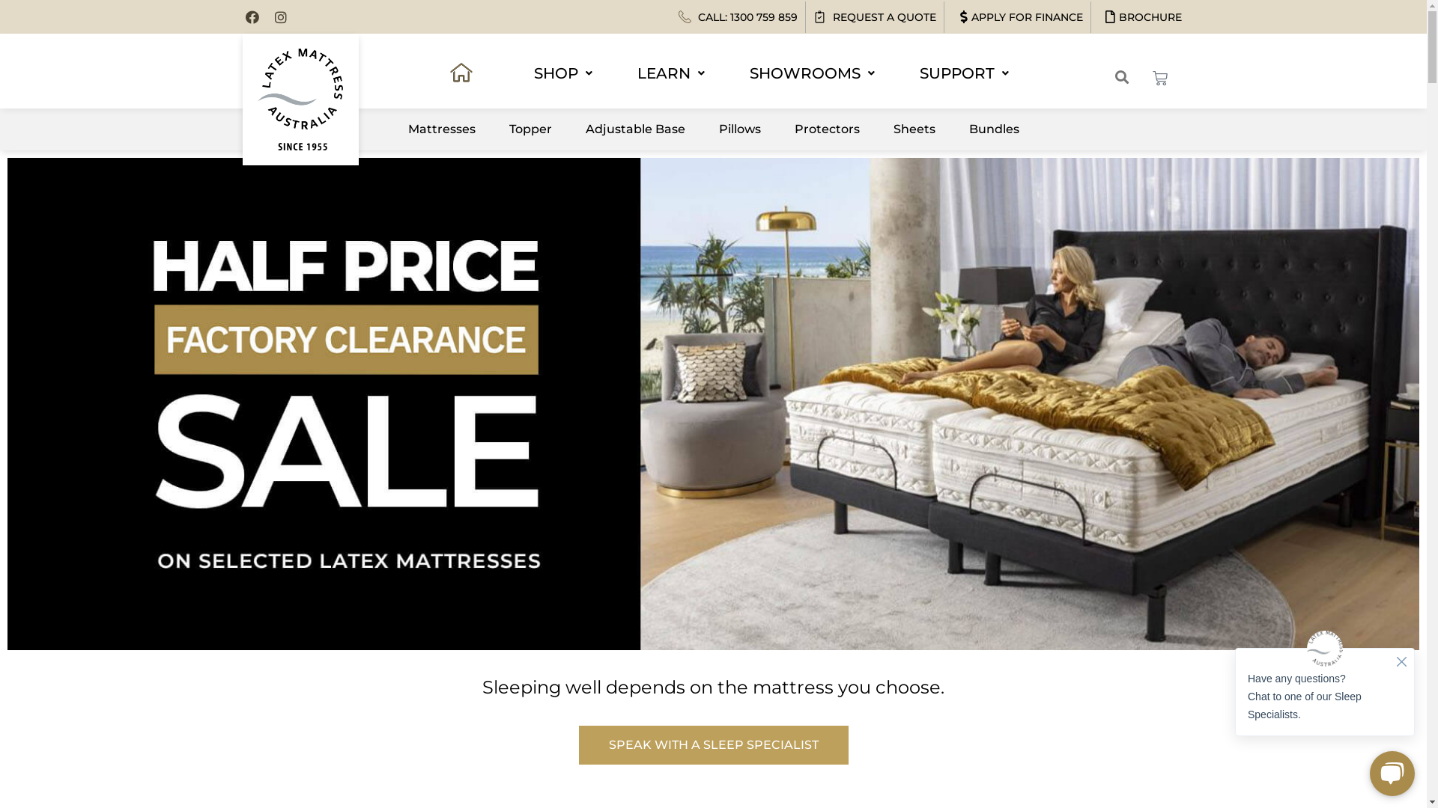  Describe the element at coordinates (812, 17) in the screenshot. I see `'REQUEST A QUOTE'` at that location.